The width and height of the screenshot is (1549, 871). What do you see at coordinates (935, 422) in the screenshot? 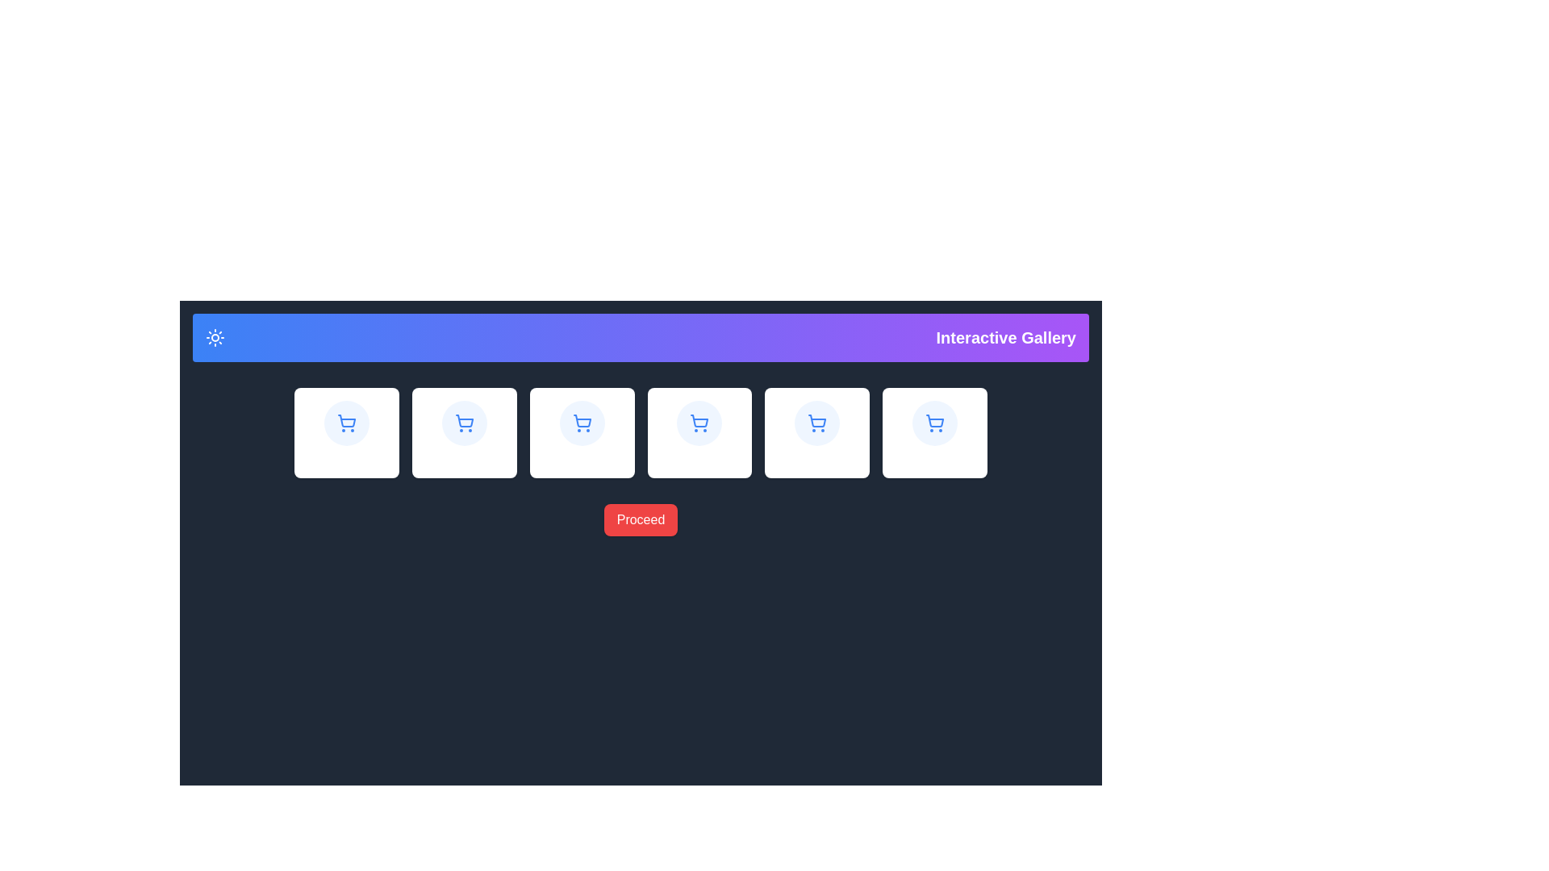
I see `the shopping cart icon` at bounding box center [935, 422].